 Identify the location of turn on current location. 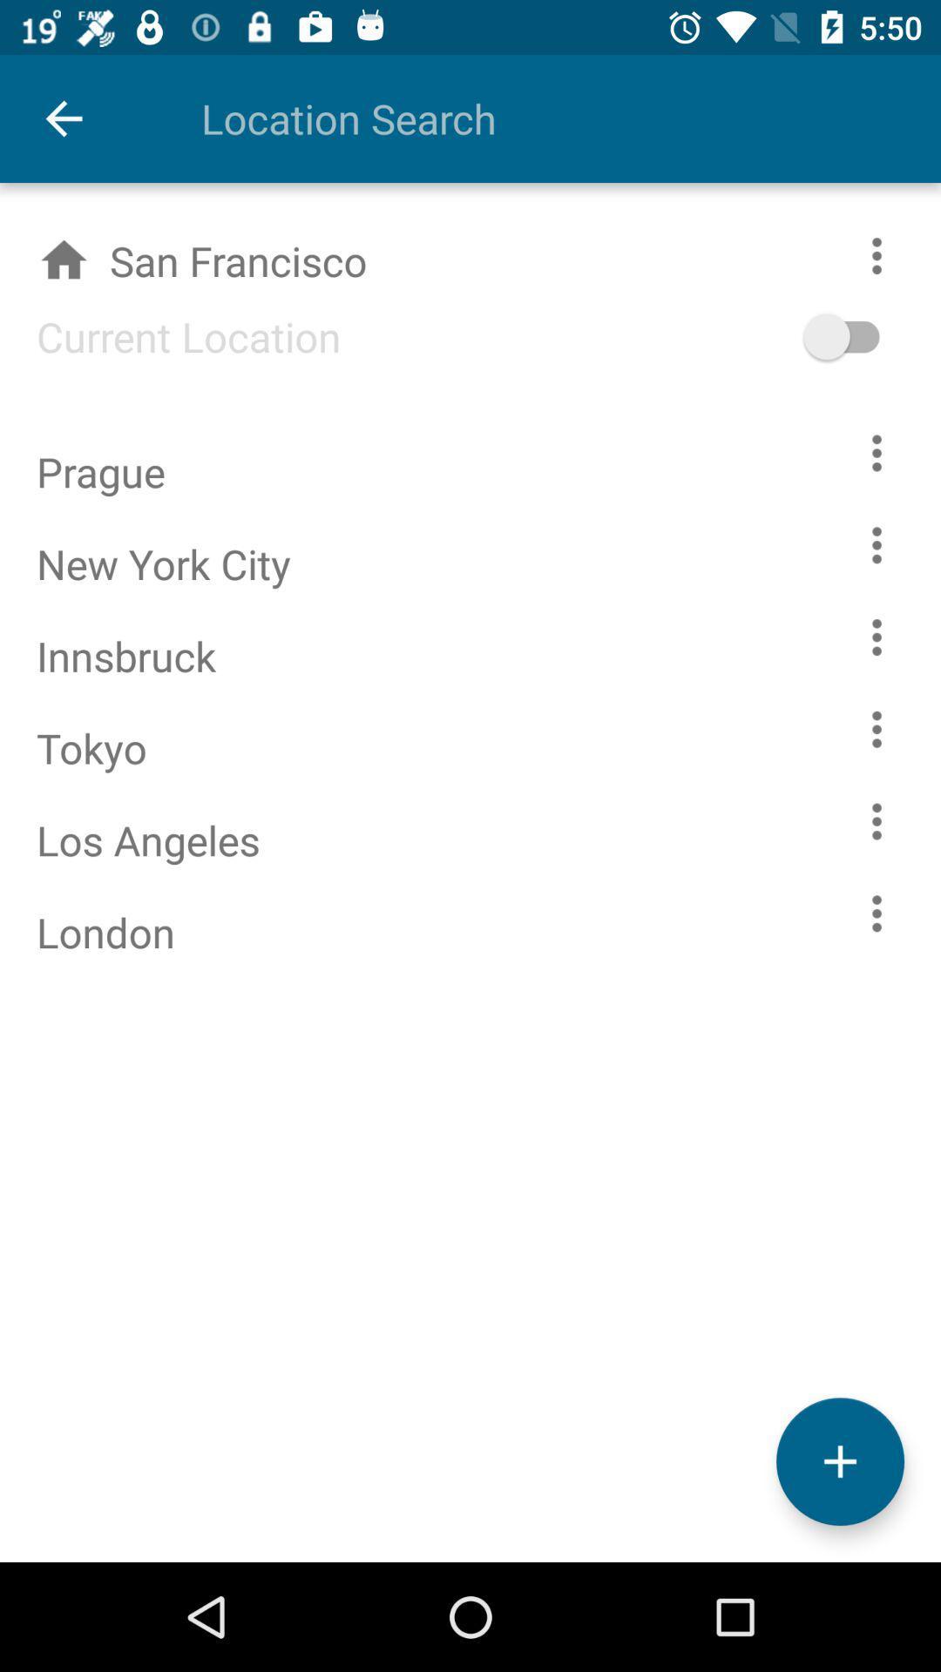
(868, 336).